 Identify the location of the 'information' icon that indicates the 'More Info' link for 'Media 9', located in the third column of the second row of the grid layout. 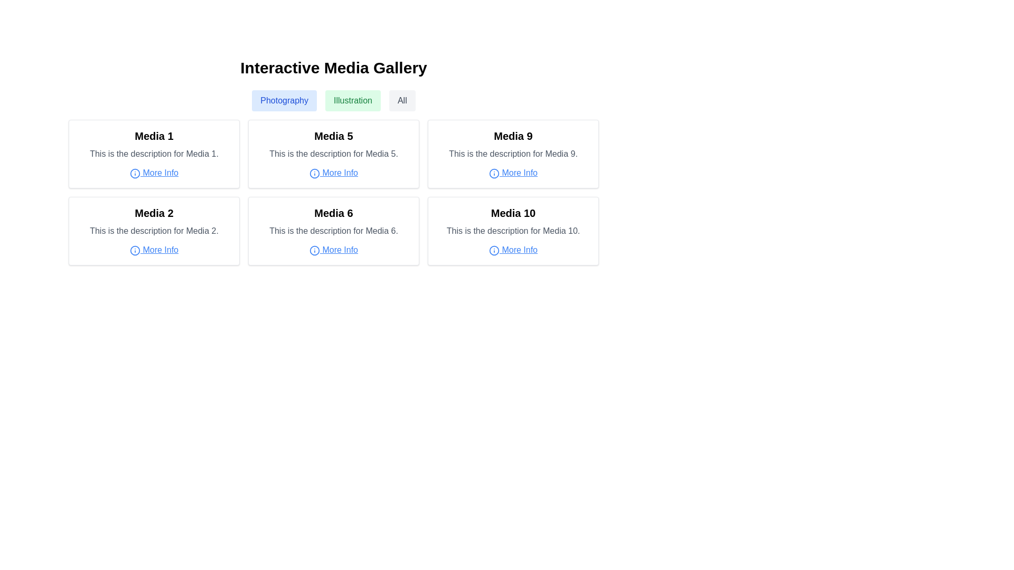
(494, 173).